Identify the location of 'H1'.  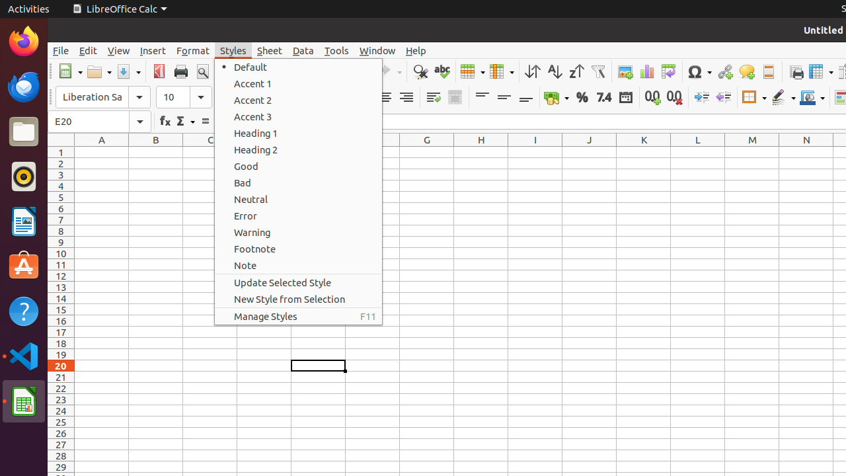
(481, 151).